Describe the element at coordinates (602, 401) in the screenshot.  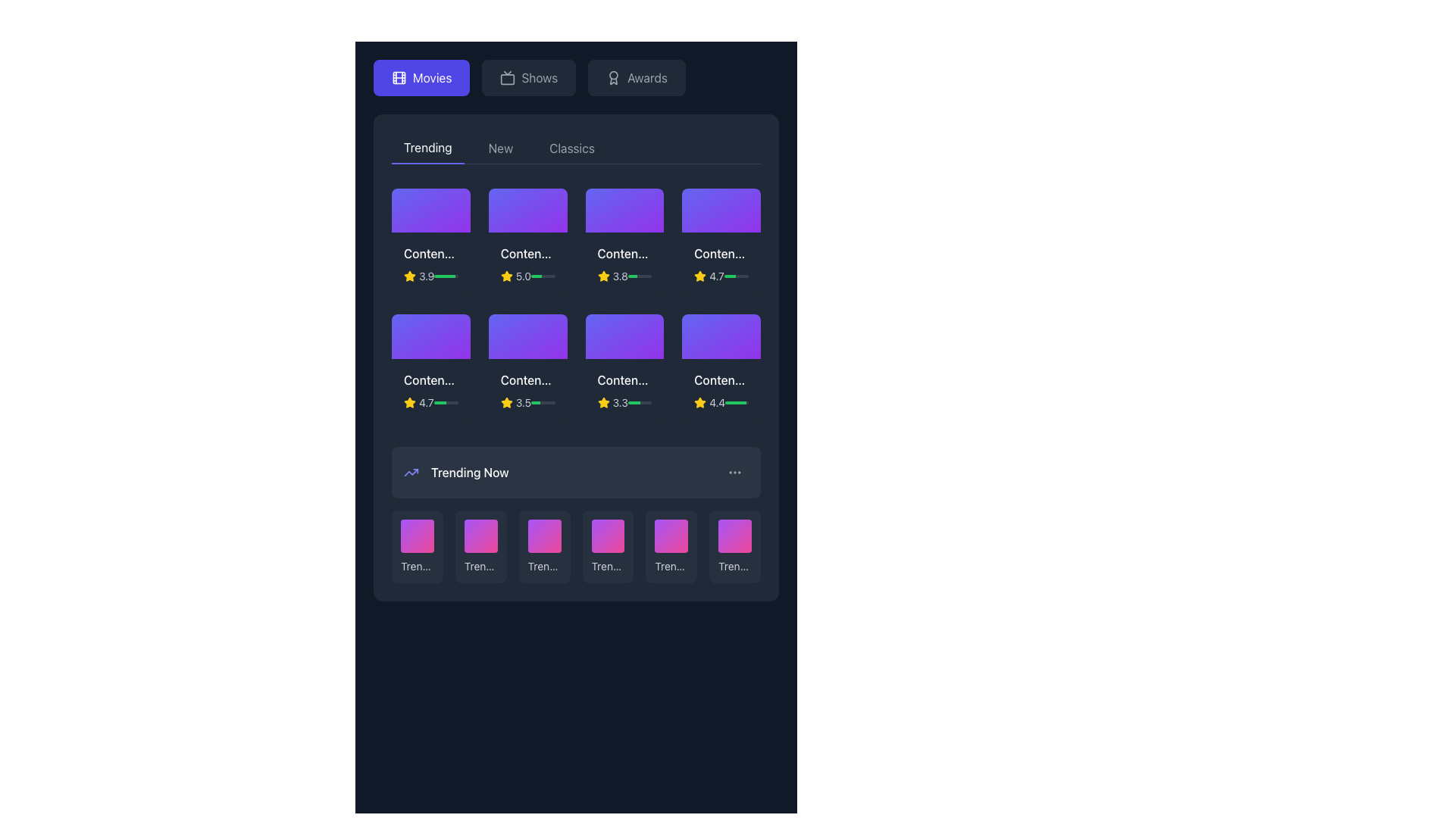
I see `the rating icon located in the second row and third column of the 'Trending' content grid` at that location.